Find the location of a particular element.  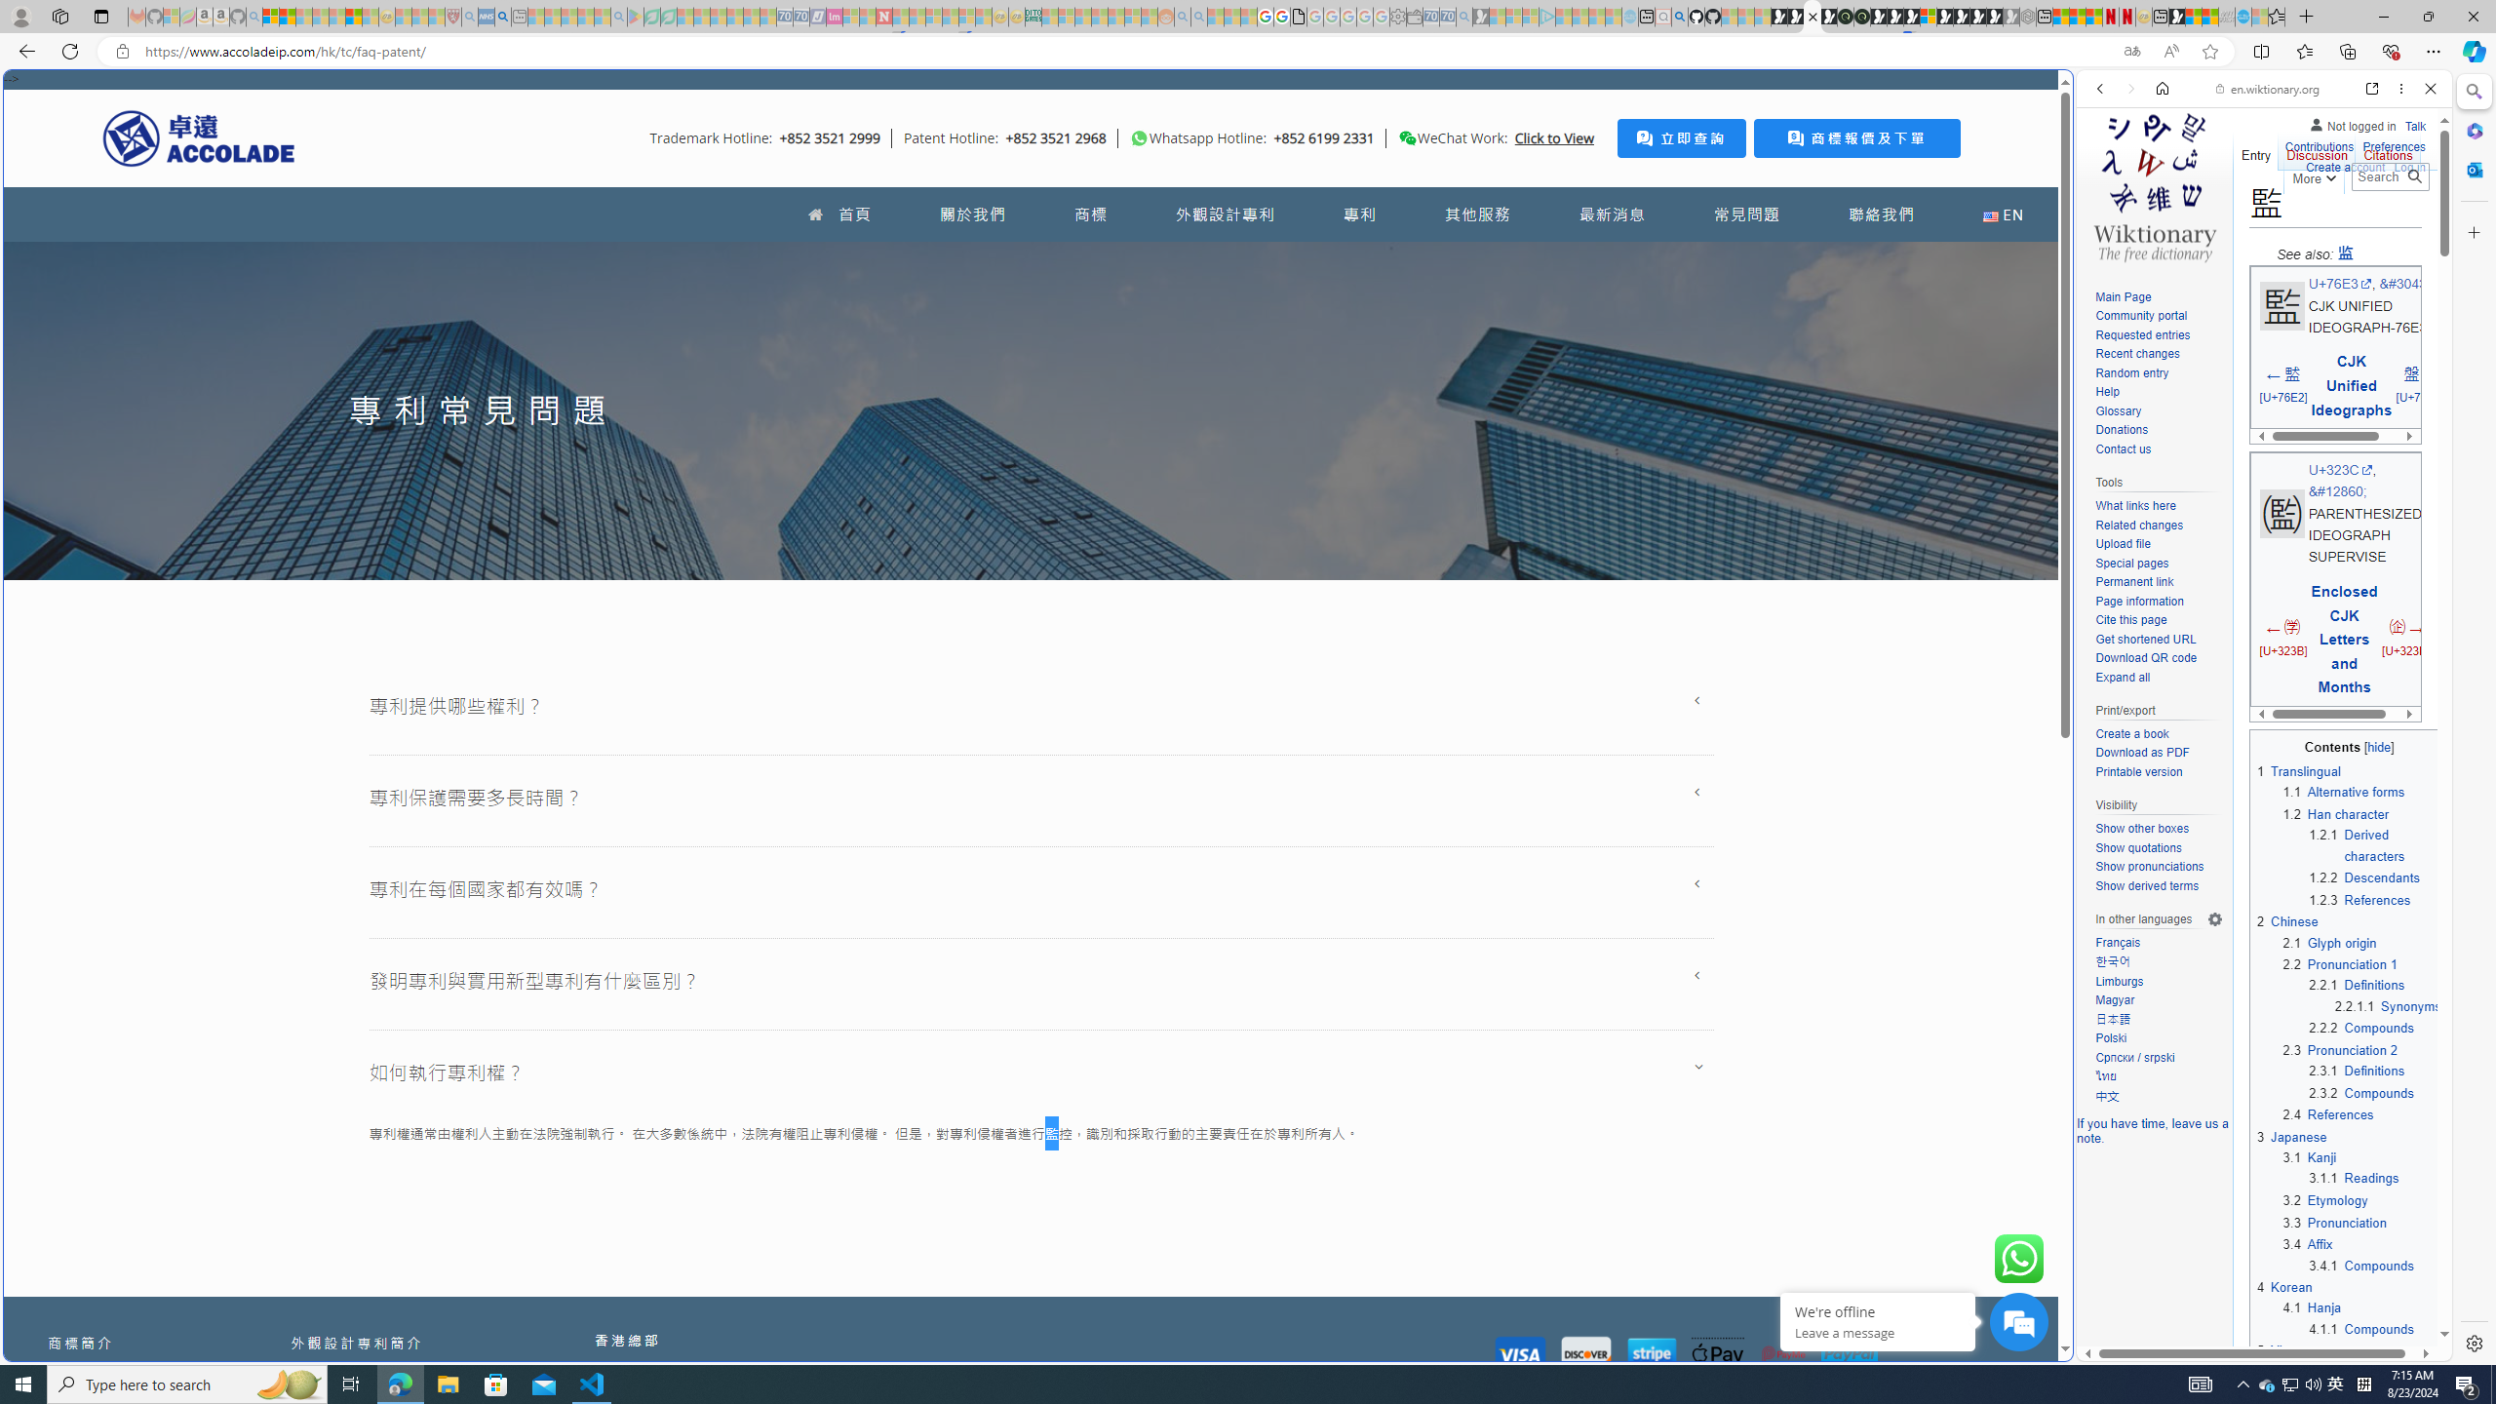

'3.3 Pronunciation' is located at coordinates (2333, 1221).